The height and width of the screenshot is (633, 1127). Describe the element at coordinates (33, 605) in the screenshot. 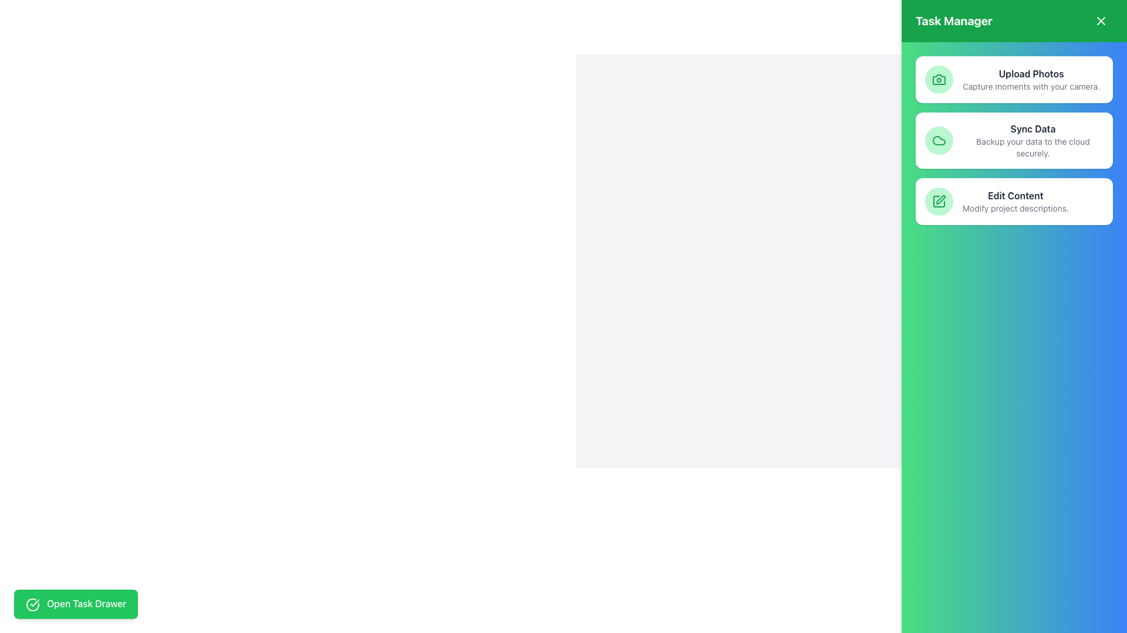

I see `the green circular icon with a checkmark symbol, located to the left of the 'Open Task Drawer' button` at that location.